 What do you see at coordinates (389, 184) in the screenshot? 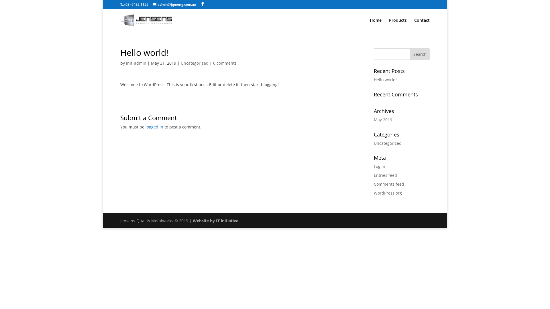
I see `'Comments feed'` at bounding box center [389, 184].